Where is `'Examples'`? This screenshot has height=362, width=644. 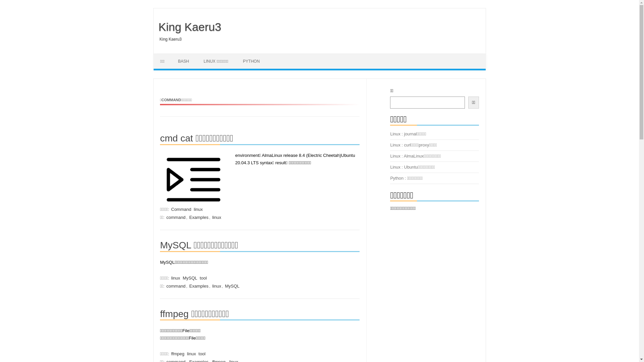 'Examples' is located at coordinates (198, 217).